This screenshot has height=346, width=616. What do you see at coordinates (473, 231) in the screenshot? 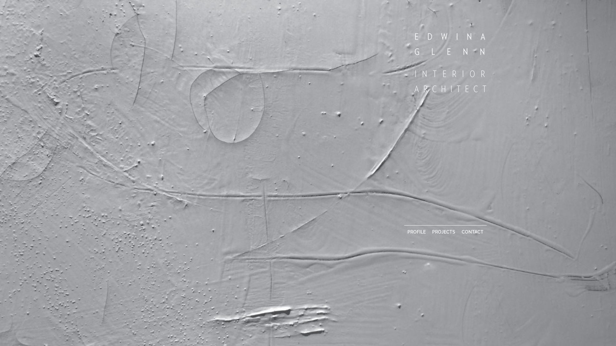
I see `'CONTACT'` at bounding box center [473, 231].